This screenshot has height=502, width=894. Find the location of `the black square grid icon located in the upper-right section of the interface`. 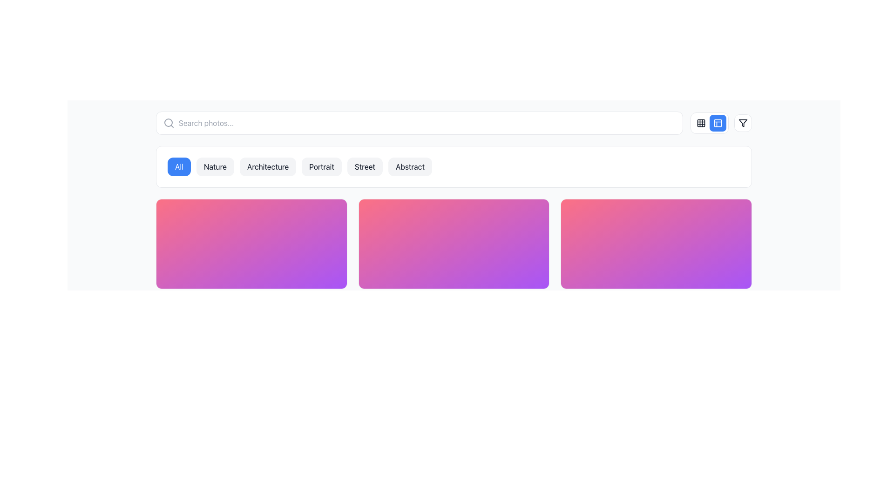

the black square grid icon located in the upper-right section of the interface is located at coordinates (701, 123).